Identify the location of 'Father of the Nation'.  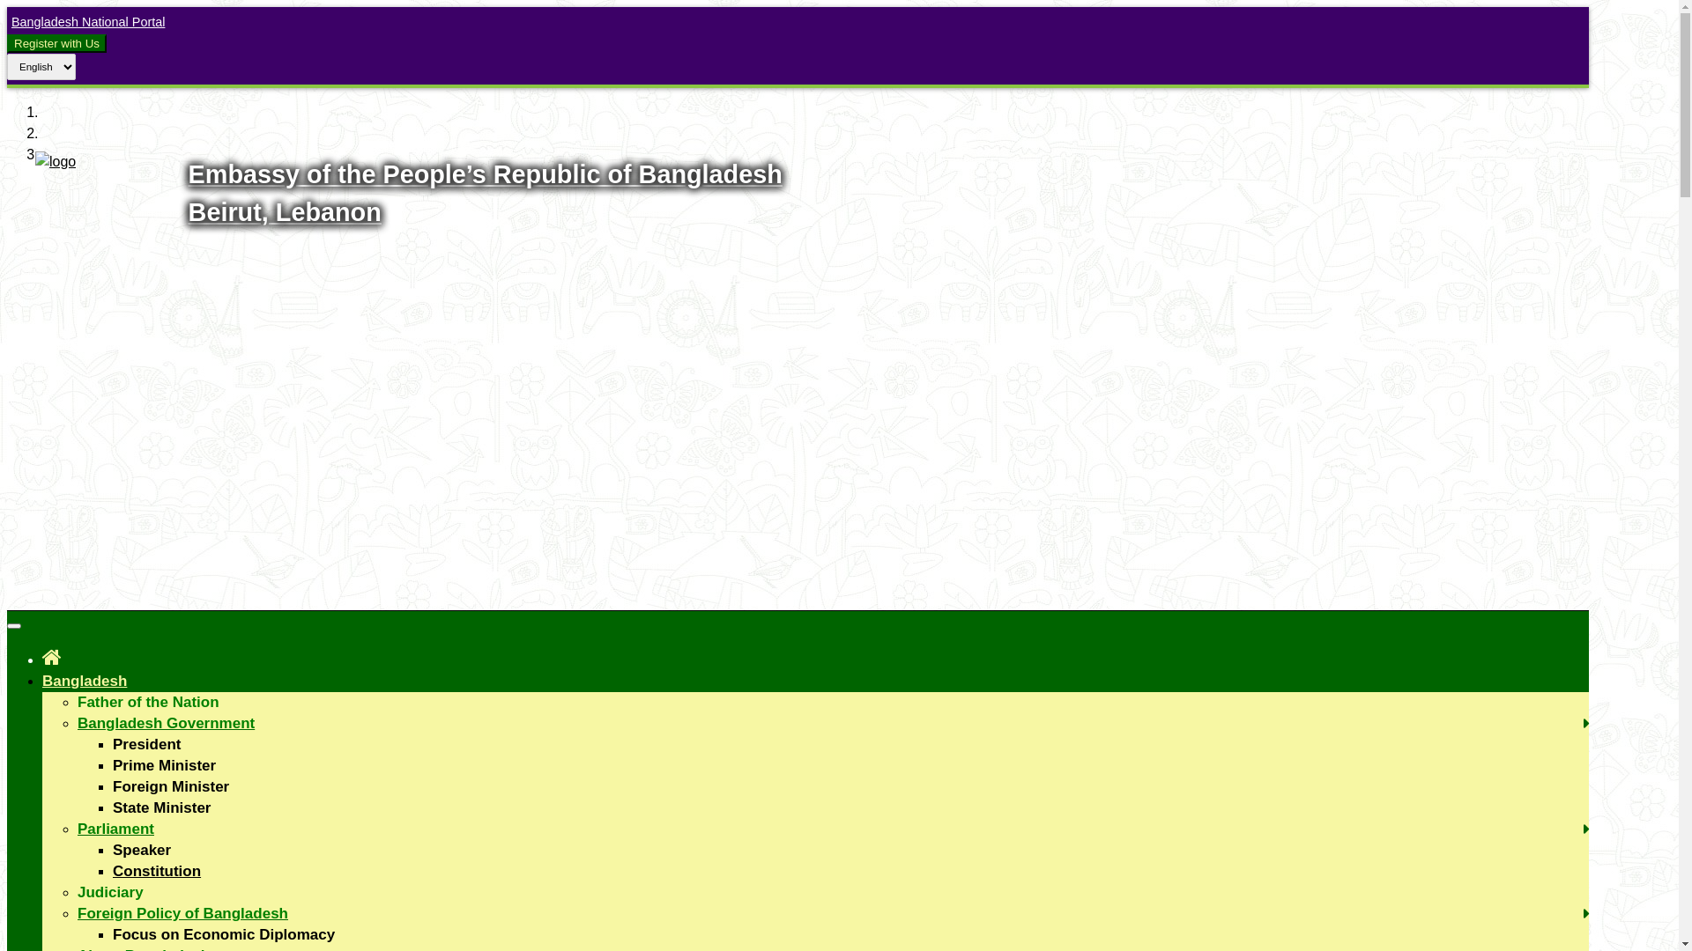
(76, 701).